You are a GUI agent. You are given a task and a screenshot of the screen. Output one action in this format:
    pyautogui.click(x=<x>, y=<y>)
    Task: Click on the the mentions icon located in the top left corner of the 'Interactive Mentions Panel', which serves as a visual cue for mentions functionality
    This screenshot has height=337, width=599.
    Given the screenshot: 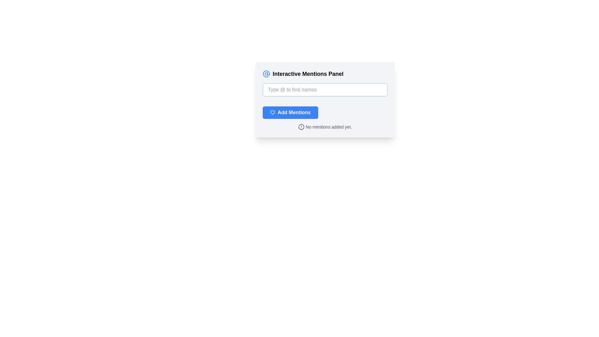 What is the action you would take?
    pyautogui.click(x=266, y=73)
    